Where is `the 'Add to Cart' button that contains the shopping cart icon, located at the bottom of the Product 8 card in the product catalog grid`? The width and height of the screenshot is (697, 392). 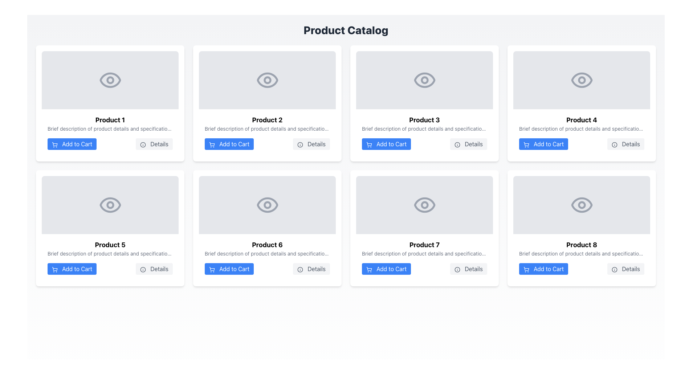 the 'Add to Cart' button that contains the shopping cart icon, located at the bottom of the Product 8 card in the product catalog grid is located at coordinates (526, 269).